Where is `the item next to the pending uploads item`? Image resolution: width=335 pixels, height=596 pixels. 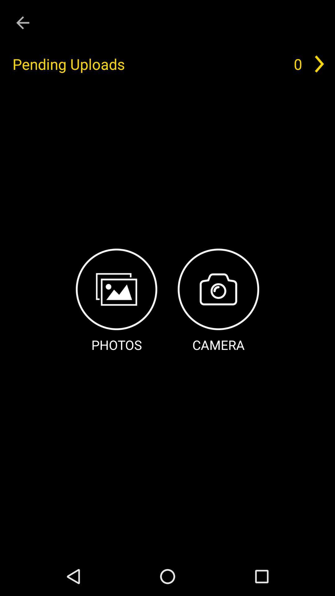
the item next to the pending uploads item is located at coordinates (297, 64).